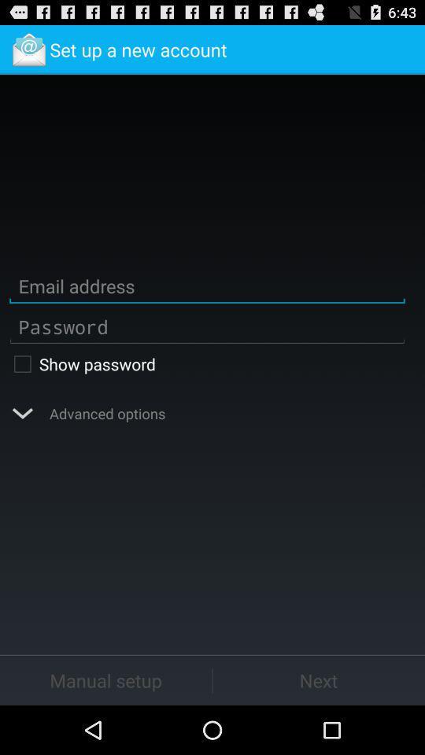  What do you see at coordinates (319, 679) in the screenshot?
I see `the item to the right of manual setup` at bounding box center [319, 679].